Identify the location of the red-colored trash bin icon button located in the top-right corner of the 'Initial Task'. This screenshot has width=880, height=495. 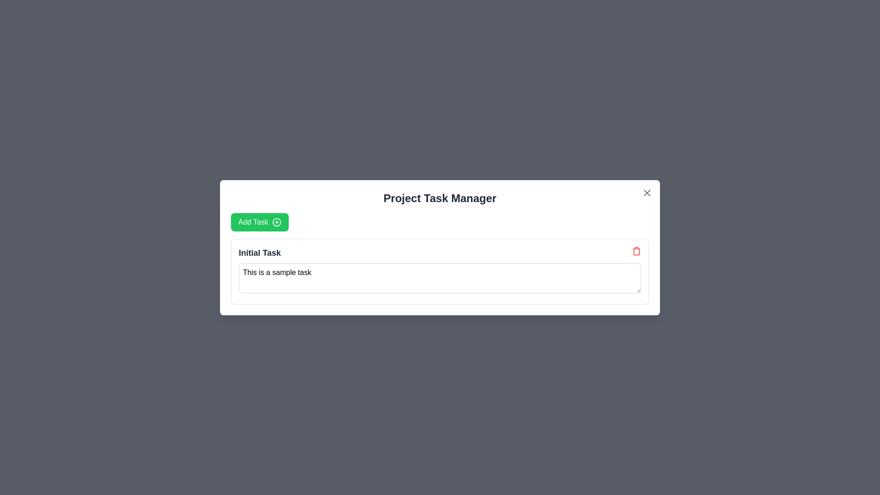
(636, 251).